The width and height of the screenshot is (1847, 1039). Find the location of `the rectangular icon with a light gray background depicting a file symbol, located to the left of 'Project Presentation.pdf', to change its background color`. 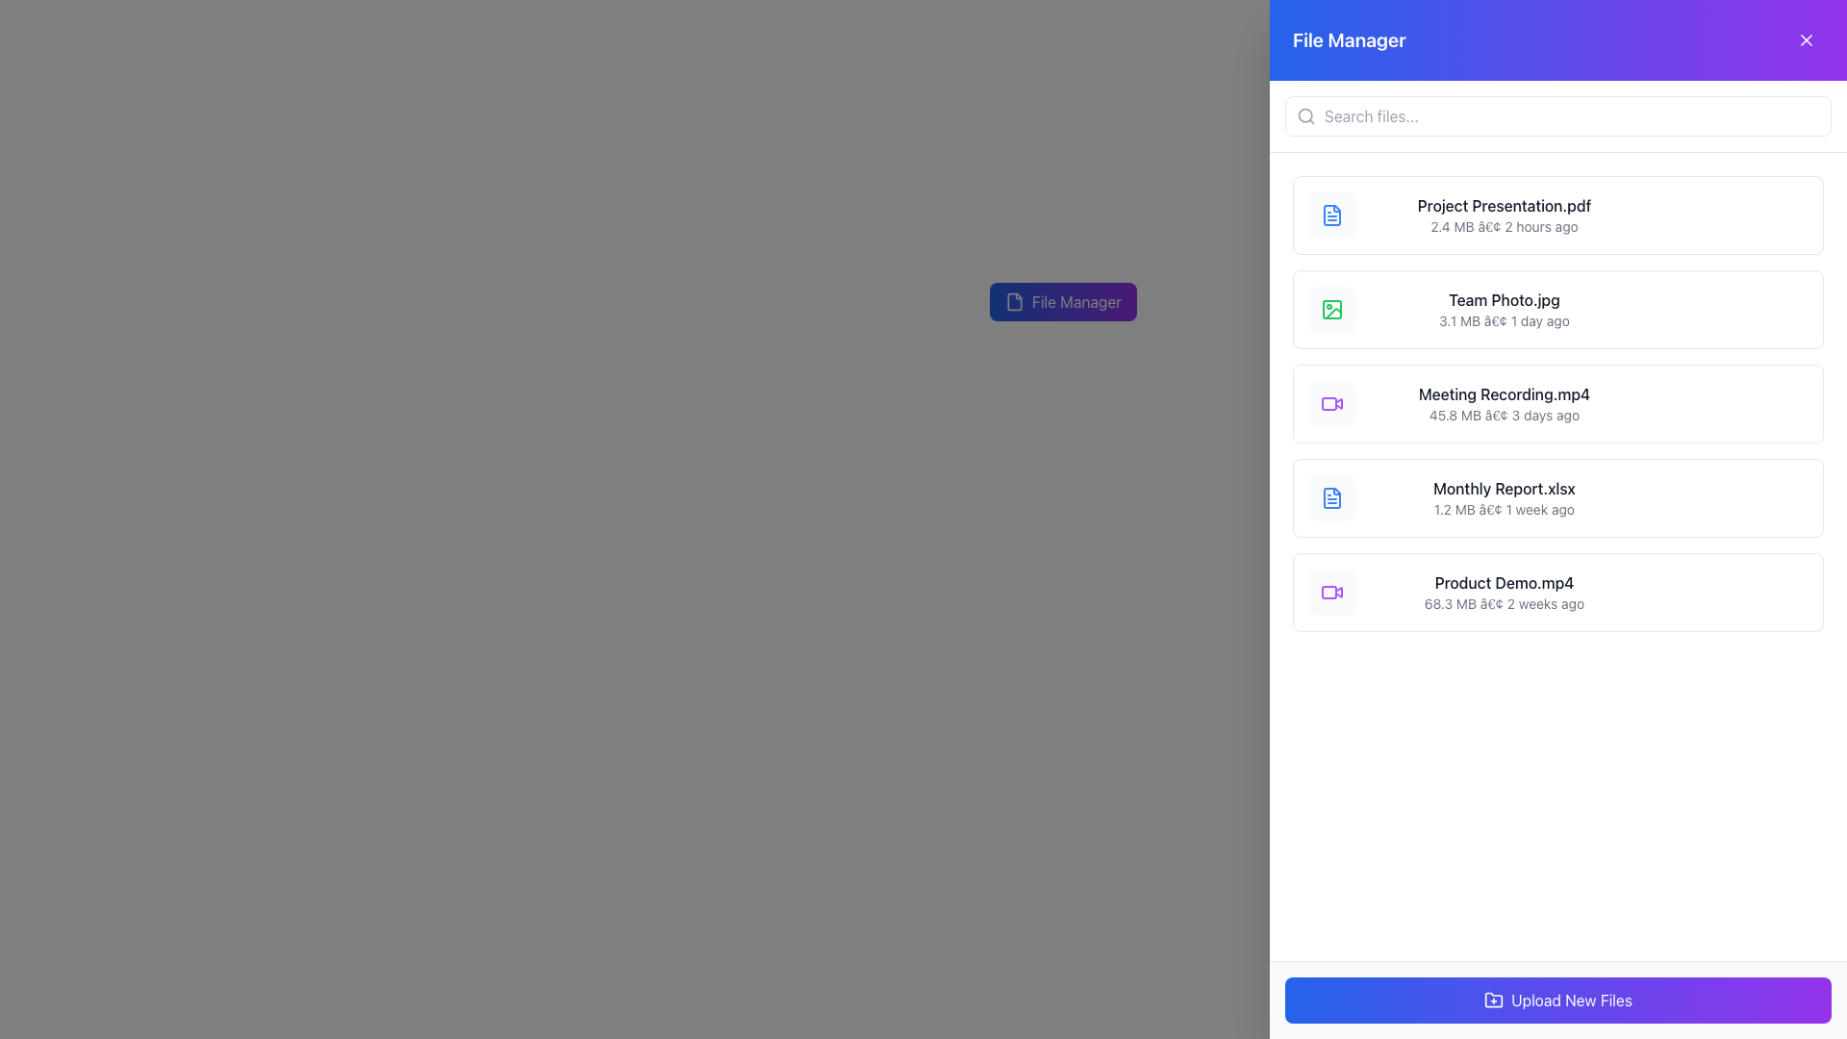

the rectangular icon with a light gray background depicting a file symbol, located to the left of 'Project Presentation.pdf', to change its background color is located at coordinates (1331, 215).